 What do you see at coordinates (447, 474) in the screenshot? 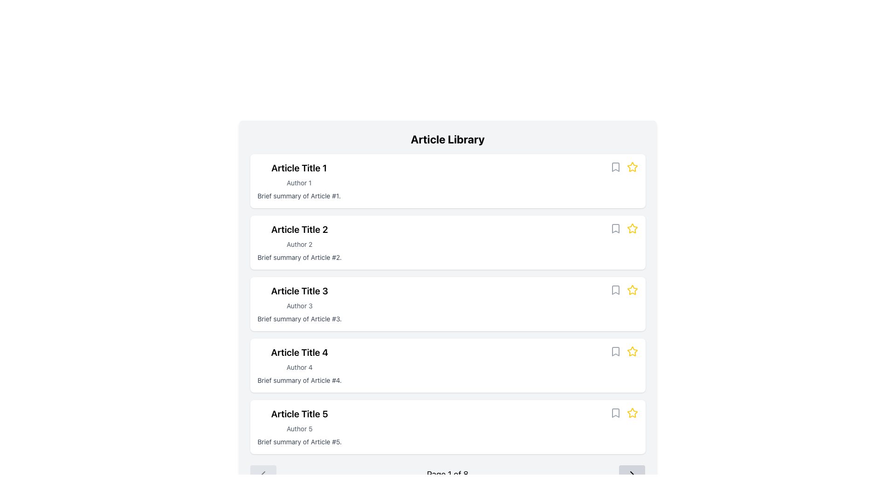
I see `text from the page information indicator located at the lower part of the 'Article Library' section, which shows the current page number and total available pages` at bounding box center [447, 474].